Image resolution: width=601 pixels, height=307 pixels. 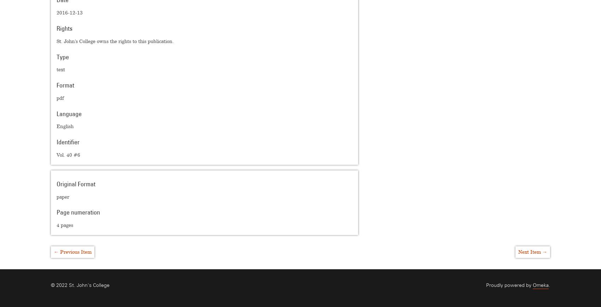 What do you see at coordinates (56, 155) in the screenshot?
I see `'Vol. 40 #6'` at bounding box center [56, 155].